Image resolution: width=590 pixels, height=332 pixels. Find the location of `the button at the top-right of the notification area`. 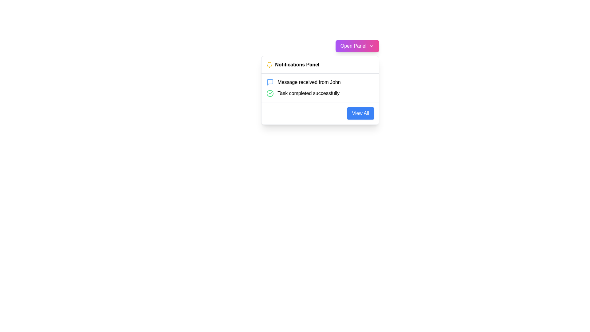

the button at the top-right of the notification area is located at coordinates (357, 46).